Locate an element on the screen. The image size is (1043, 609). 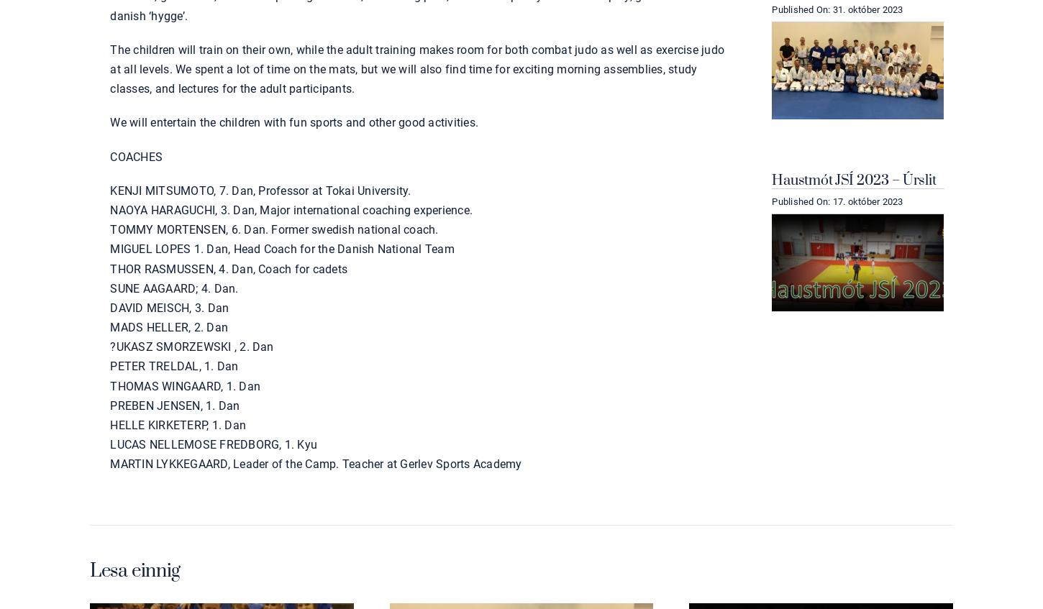
'SUNE AAGAARD; 4. Dan.' is located at coordinates (174, 287).